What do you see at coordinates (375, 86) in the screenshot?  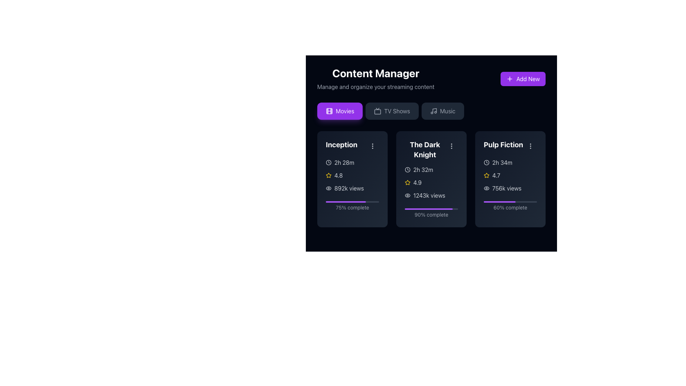 I see `the static text element that reads 'Manage and organize your streaming content', which is styled in gray and serves as a subtitle below the 'Content Manager' heading` at bounding box center [375, 86].